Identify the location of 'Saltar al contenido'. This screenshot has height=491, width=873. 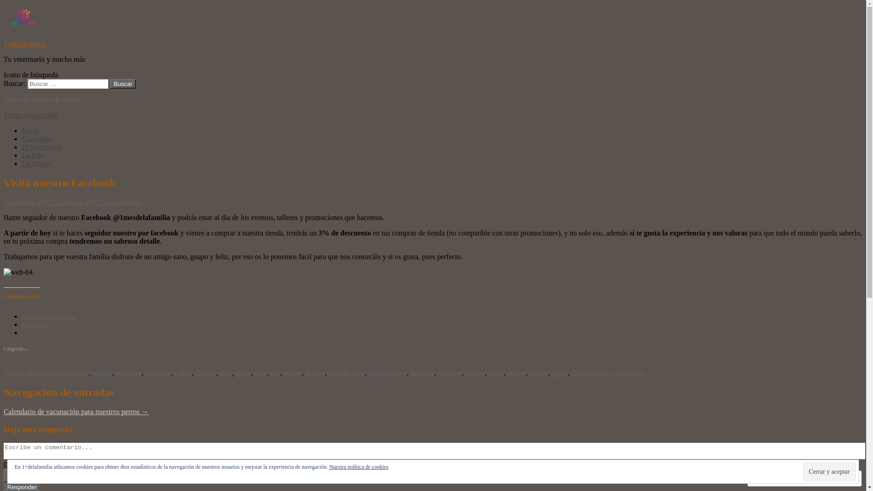
(4, 115).